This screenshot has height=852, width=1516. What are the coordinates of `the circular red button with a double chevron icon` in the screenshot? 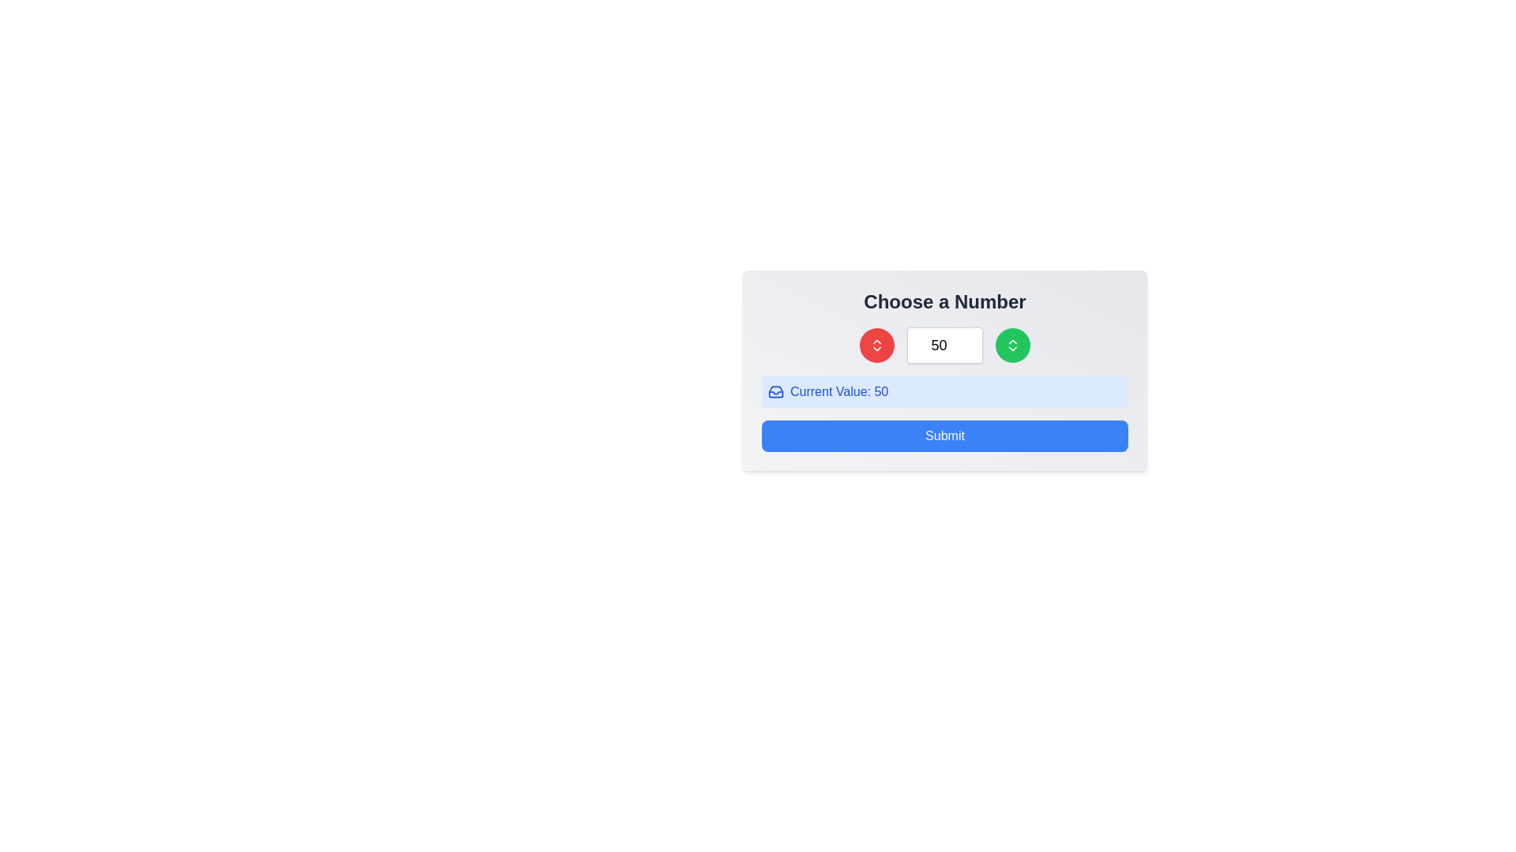 It's located at (876, 345).